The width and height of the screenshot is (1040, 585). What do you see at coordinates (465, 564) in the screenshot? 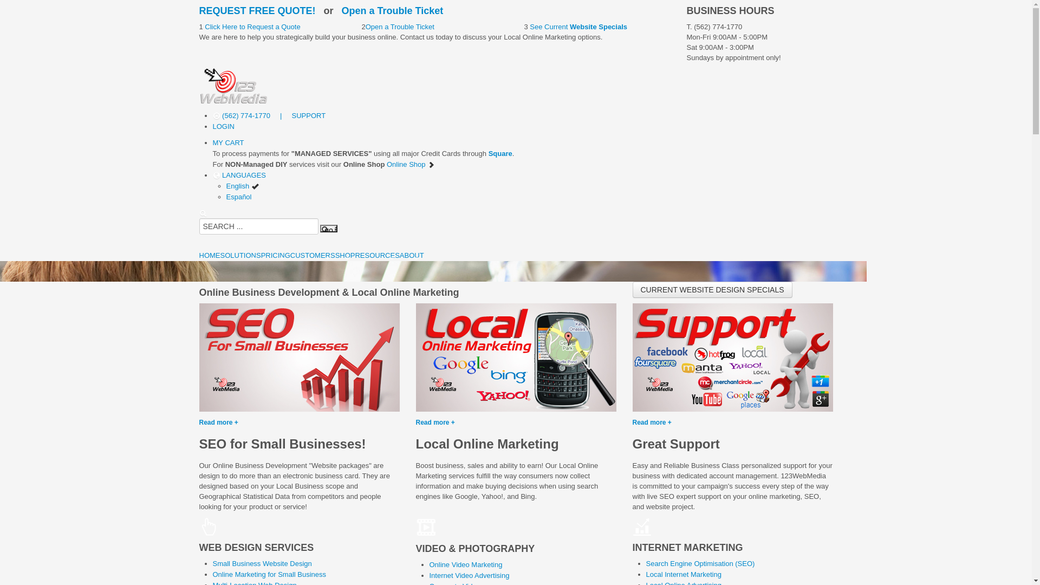
I see `'Online Video Marketing'` at bounding box center [465, 564].